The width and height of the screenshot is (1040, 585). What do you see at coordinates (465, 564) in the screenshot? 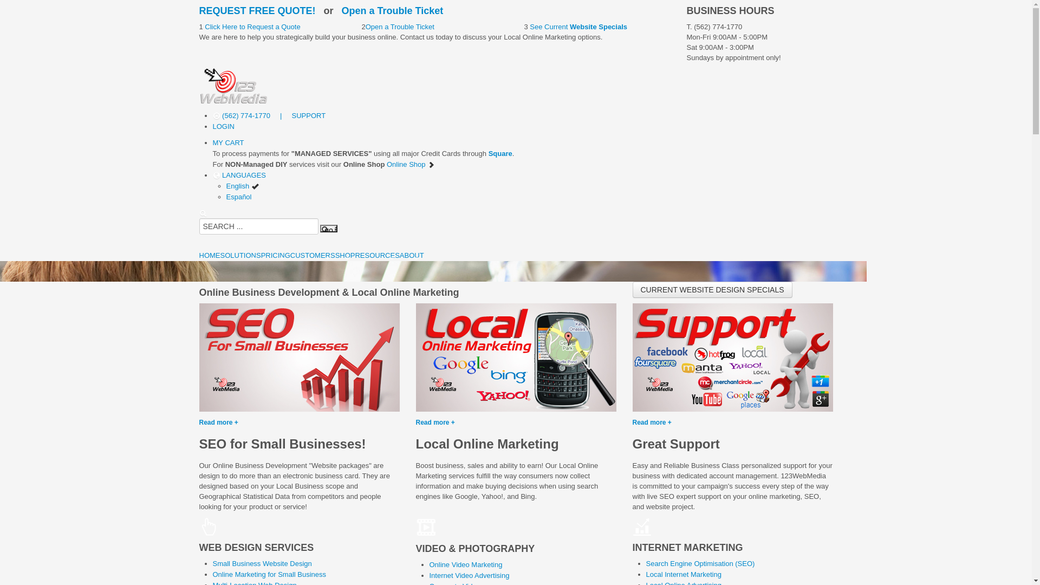
I see `'Online Video Marketing'` at bounding box center [465, 564].